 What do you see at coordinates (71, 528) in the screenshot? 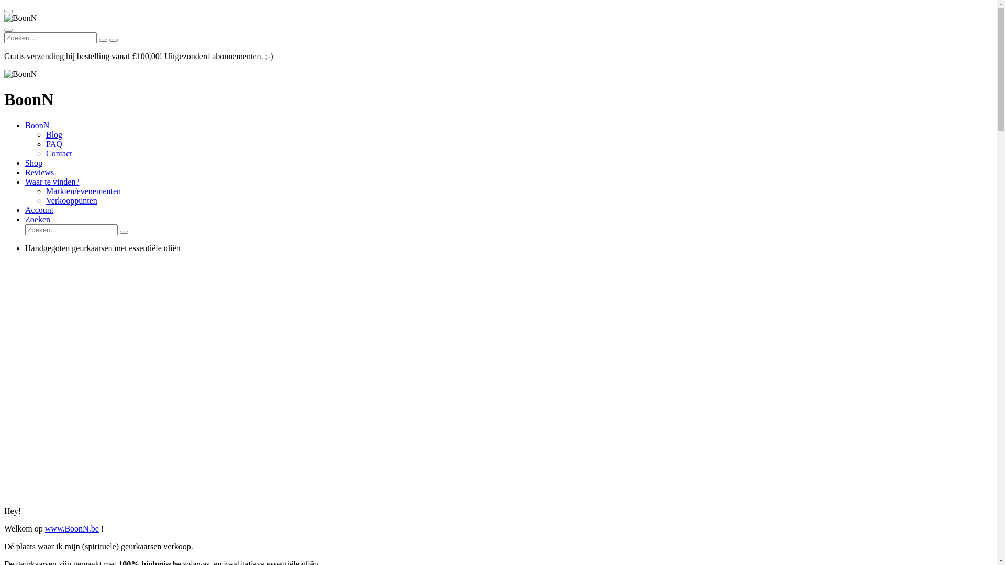
I see `'www.BoonN.be'` at bounding box center [71, 528].